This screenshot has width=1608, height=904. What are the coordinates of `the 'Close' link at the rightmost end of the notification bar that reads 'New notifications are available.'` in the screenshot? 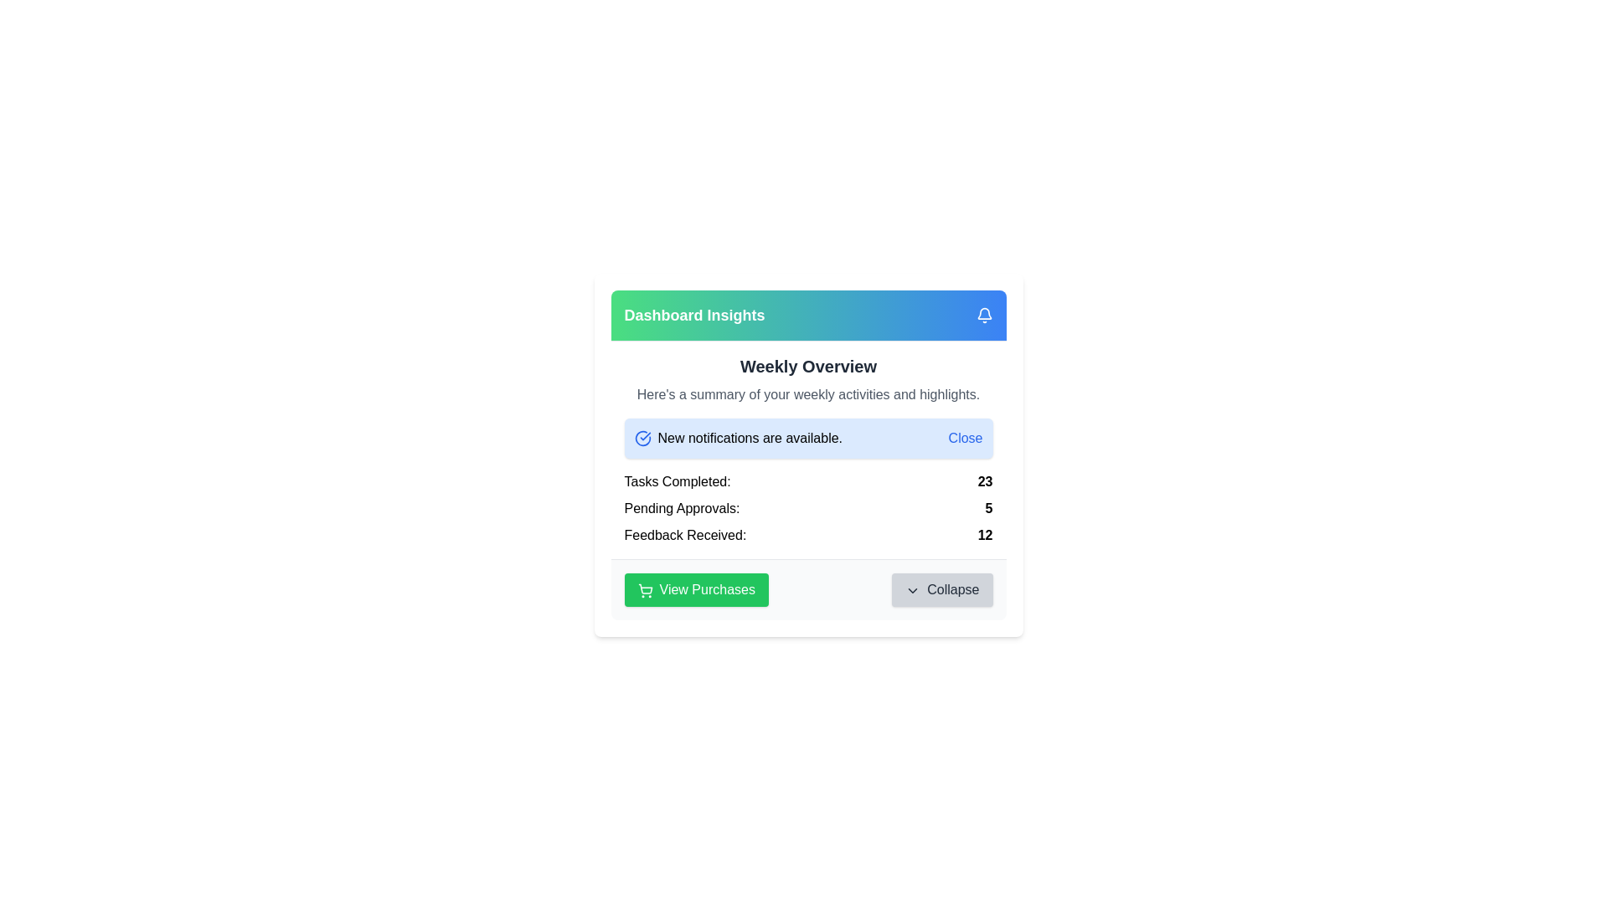 It's located at (965, 438).